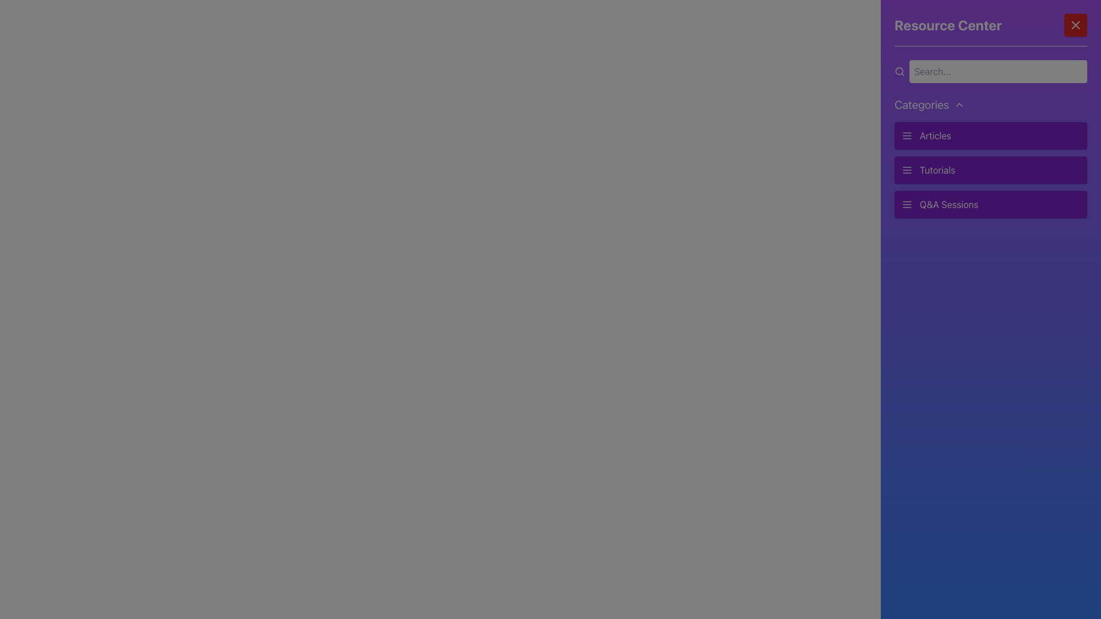 The width and height of the screenshot is (1101, 619). I want to click on the first menu item labeled 'Articles' in the 'Resource Center' sidebar, so click(990, 139).